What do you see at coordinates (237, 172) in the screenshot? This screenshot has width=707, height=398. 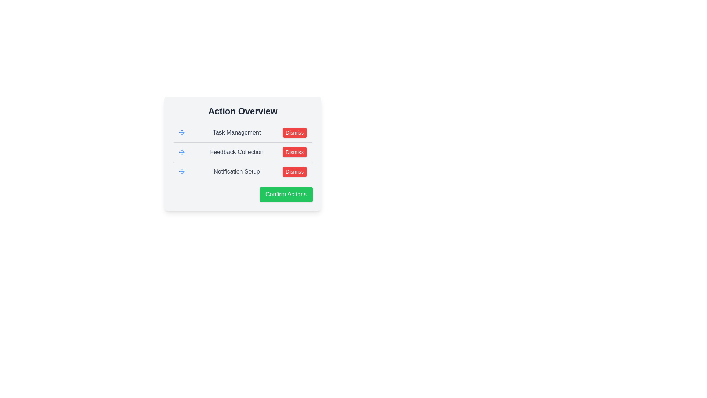 I see `the 'Notification Setup' text label` at bounding box center [237, 172].